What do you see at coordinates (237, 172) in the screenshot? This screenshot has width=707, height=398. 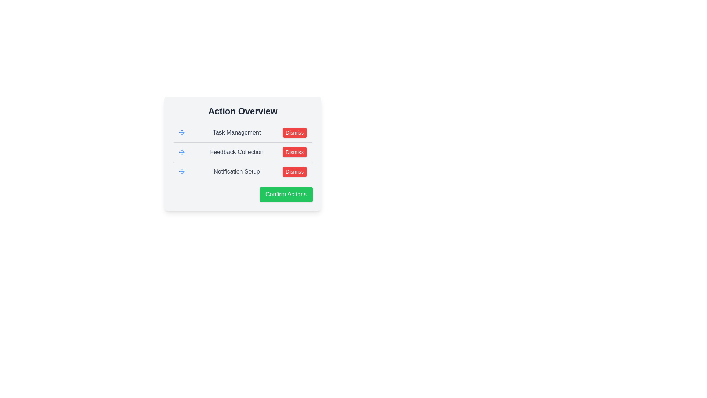 I see `the 'Notification Setup' text label` at bounding box center [237, 172].